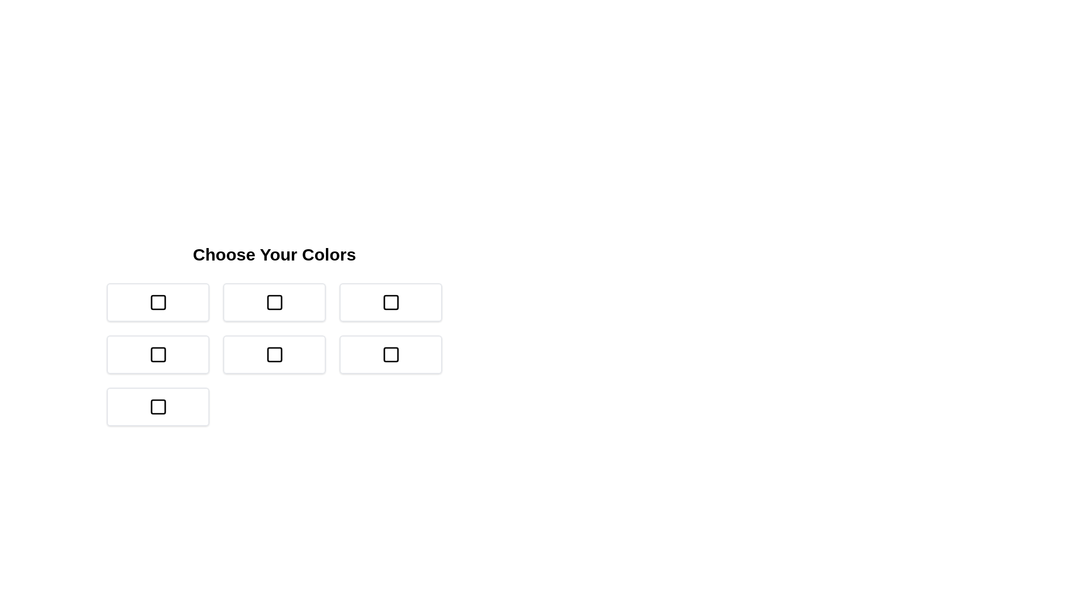  I want to click on the square of color green, so click(391, 301).